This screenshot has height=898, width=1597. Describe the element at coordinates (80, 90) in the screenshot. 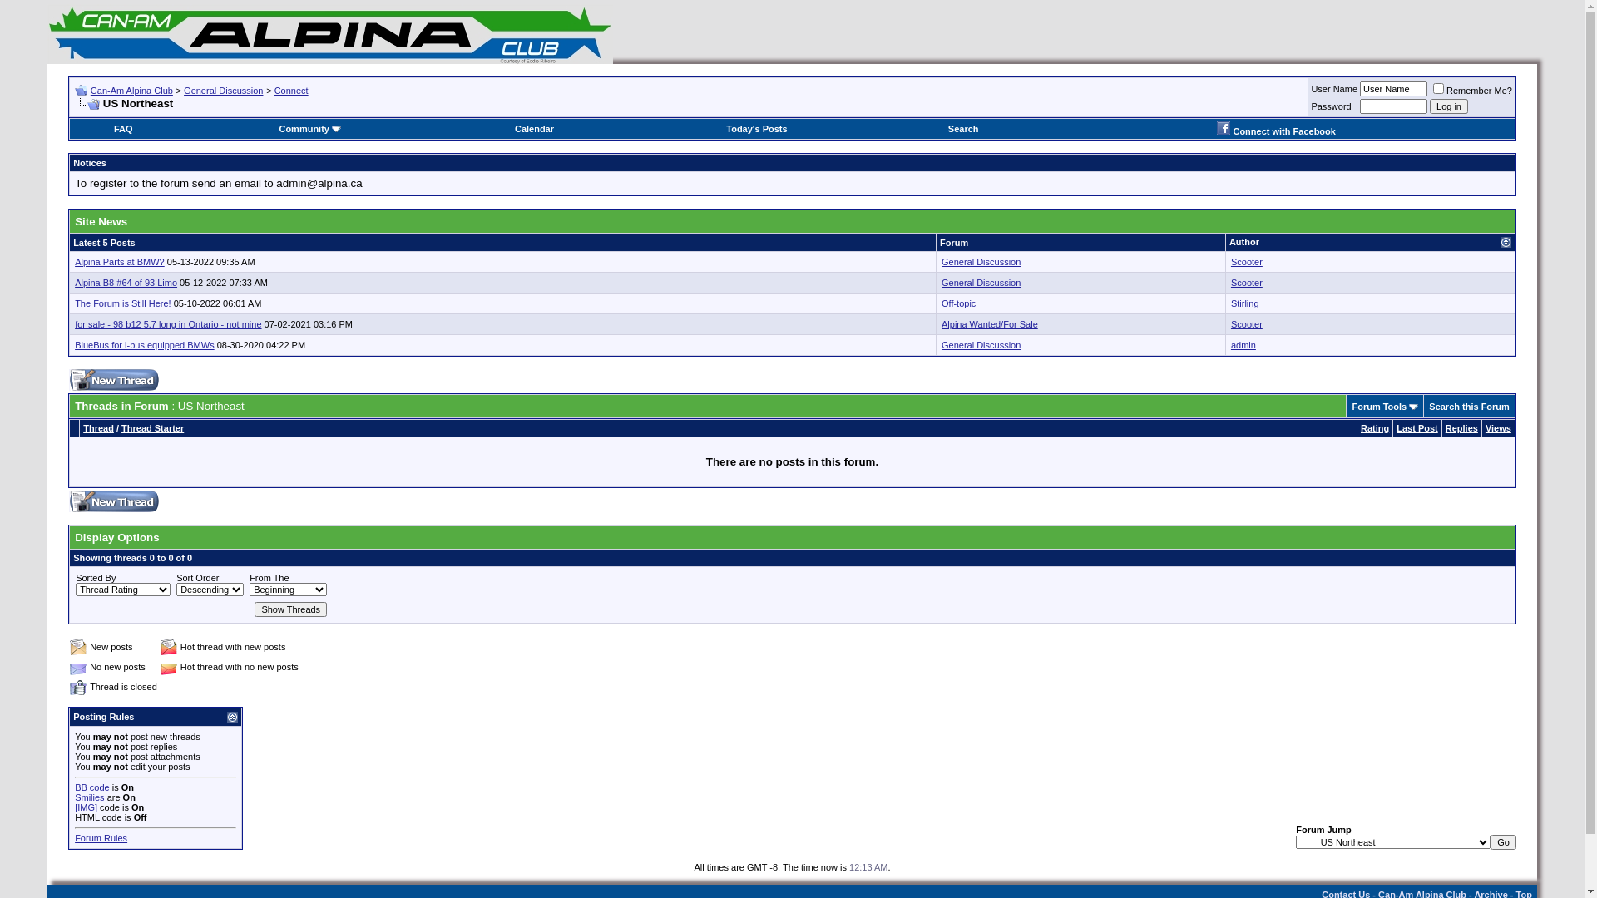

I see `'Go Back'` at that location.